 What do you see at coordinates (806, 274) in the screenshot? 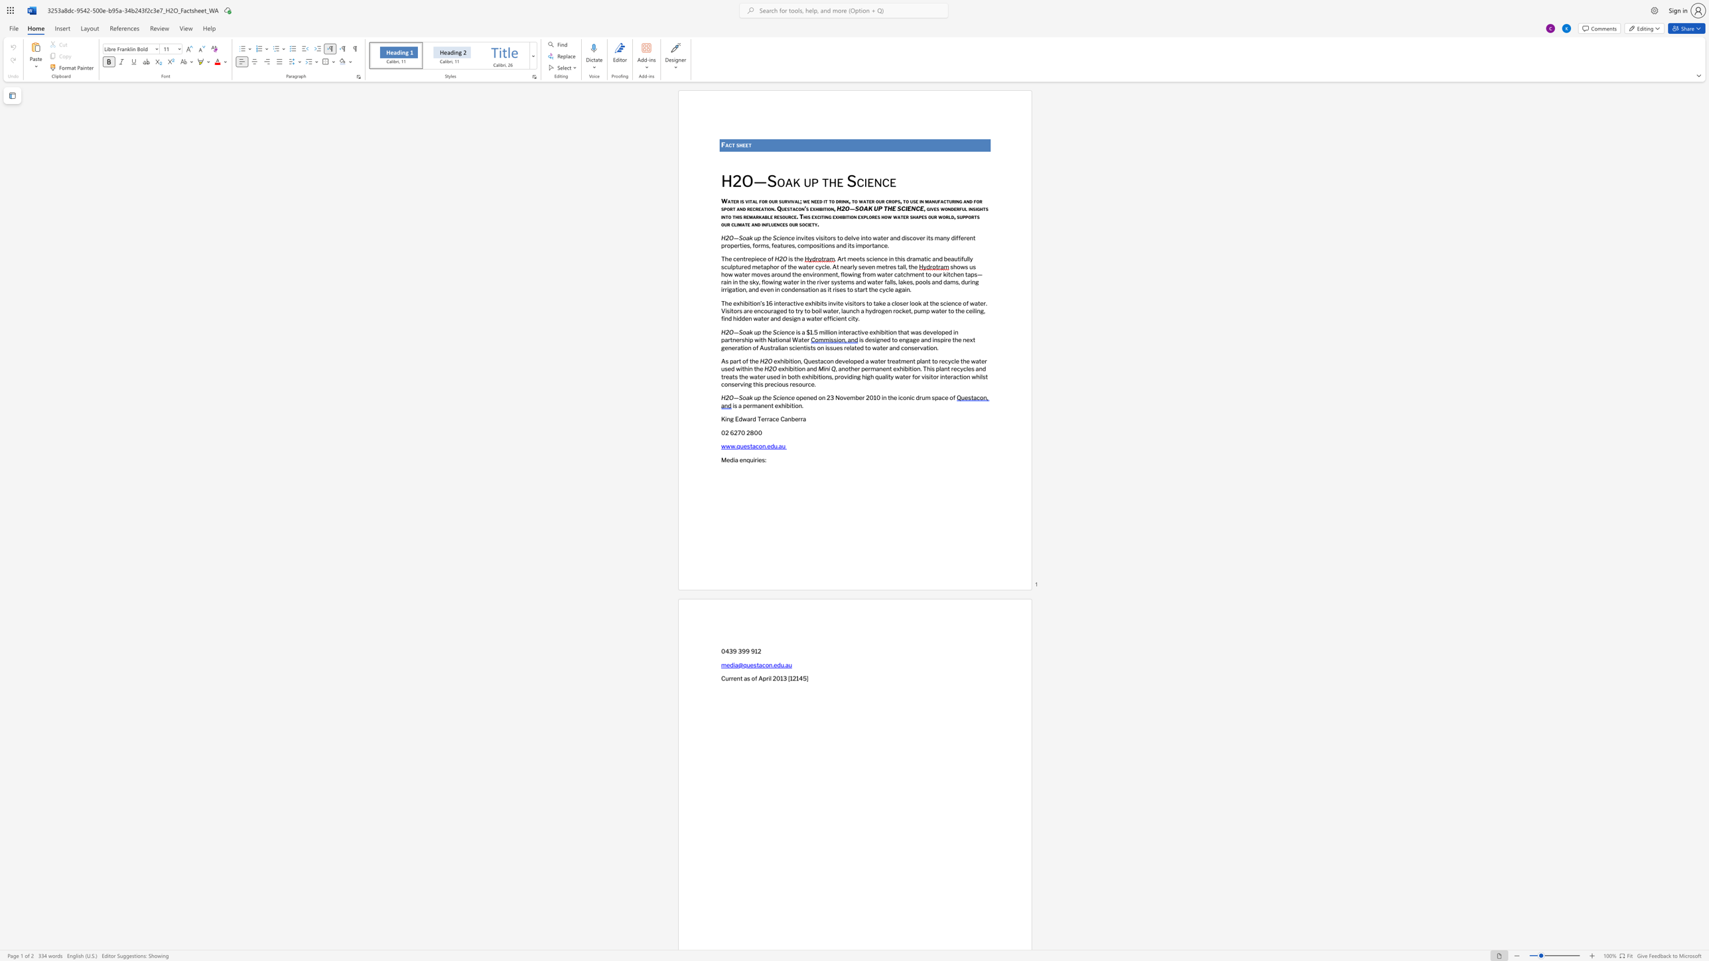
I see `the subset text "nvir" within the text "shows us how water moves around the environment, flowing from water catchment to our kitchen taps"` at bounding box center [806, 274].